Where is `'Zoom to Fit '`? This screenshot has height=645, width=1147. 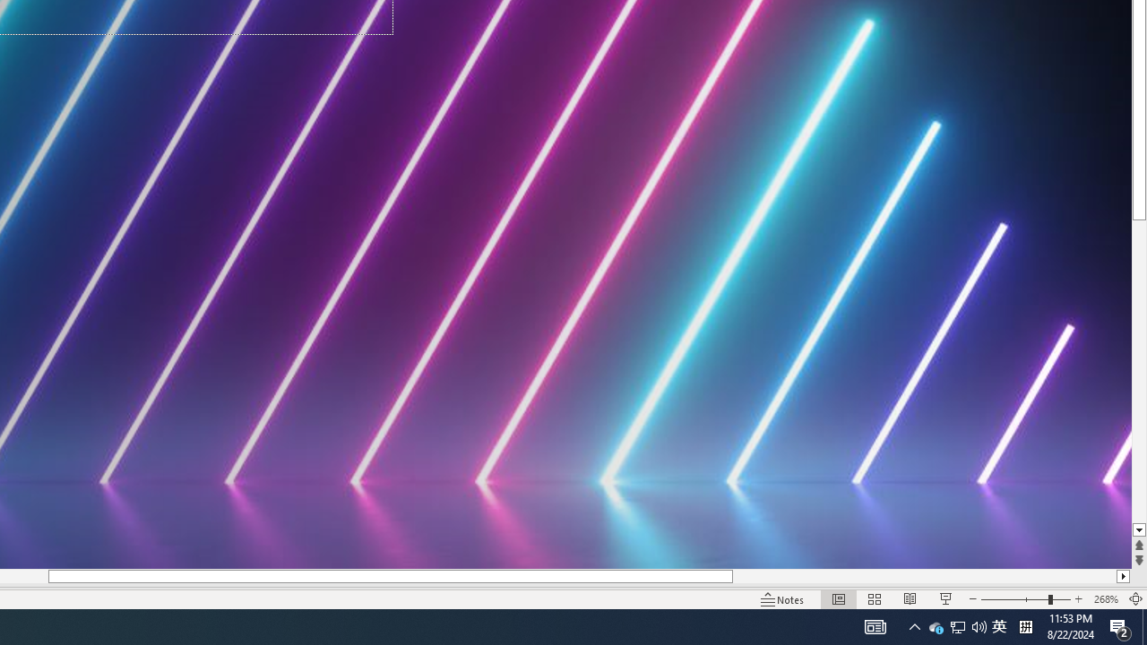
'Zoom to Fit ' is located at coordinates (1134, 599).